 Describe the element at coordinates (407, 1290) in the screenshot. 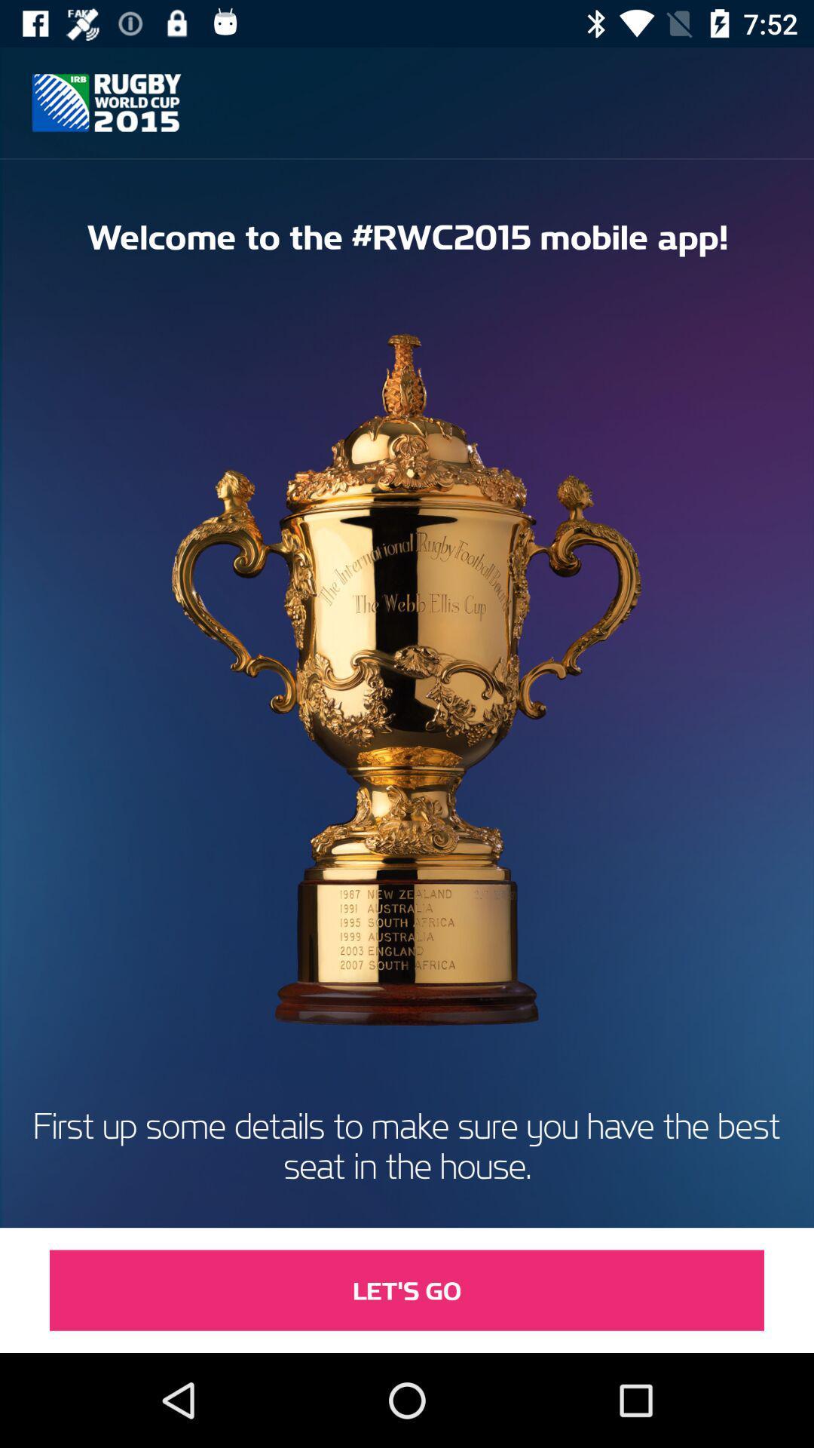

I see `item below first up some` at that location.